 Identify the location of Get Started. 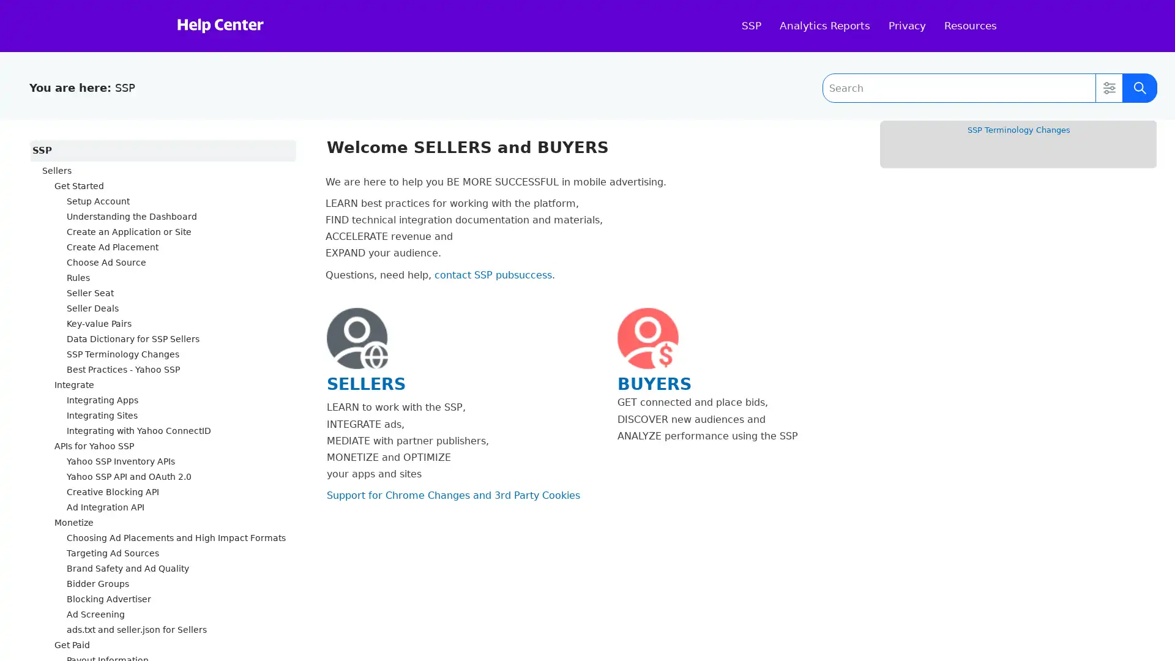
(162, 187).